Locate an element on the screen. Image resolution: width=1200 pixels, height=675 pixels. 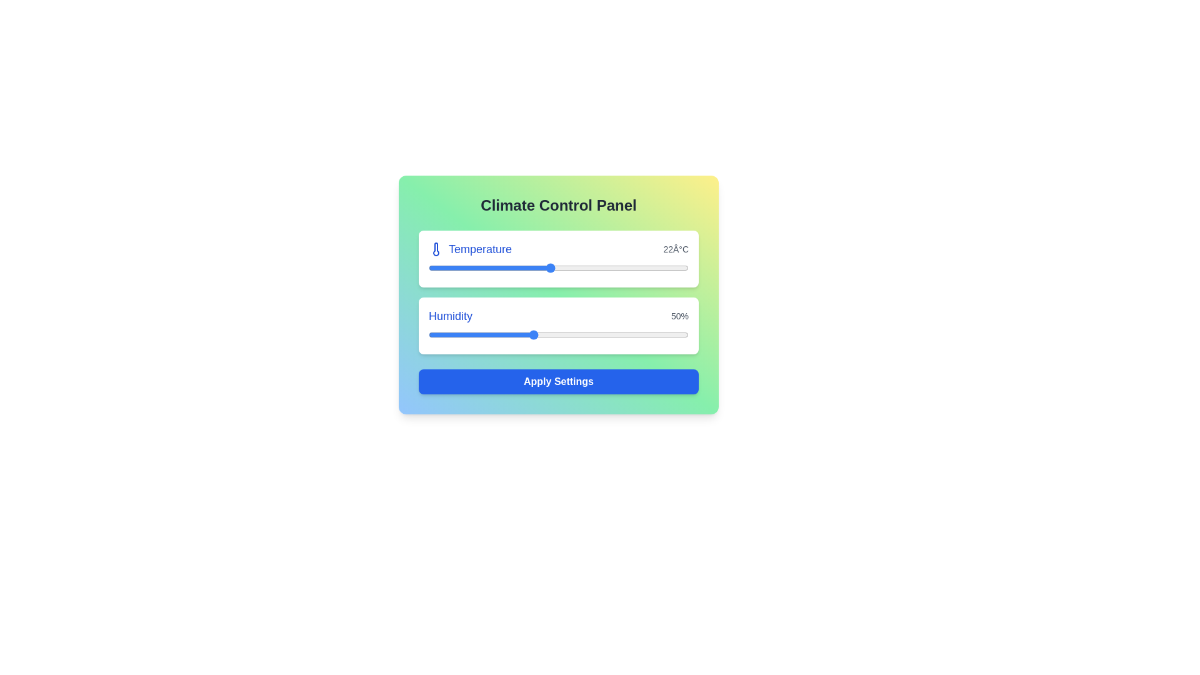
the temperature slider is located at coordinates (480, 267).